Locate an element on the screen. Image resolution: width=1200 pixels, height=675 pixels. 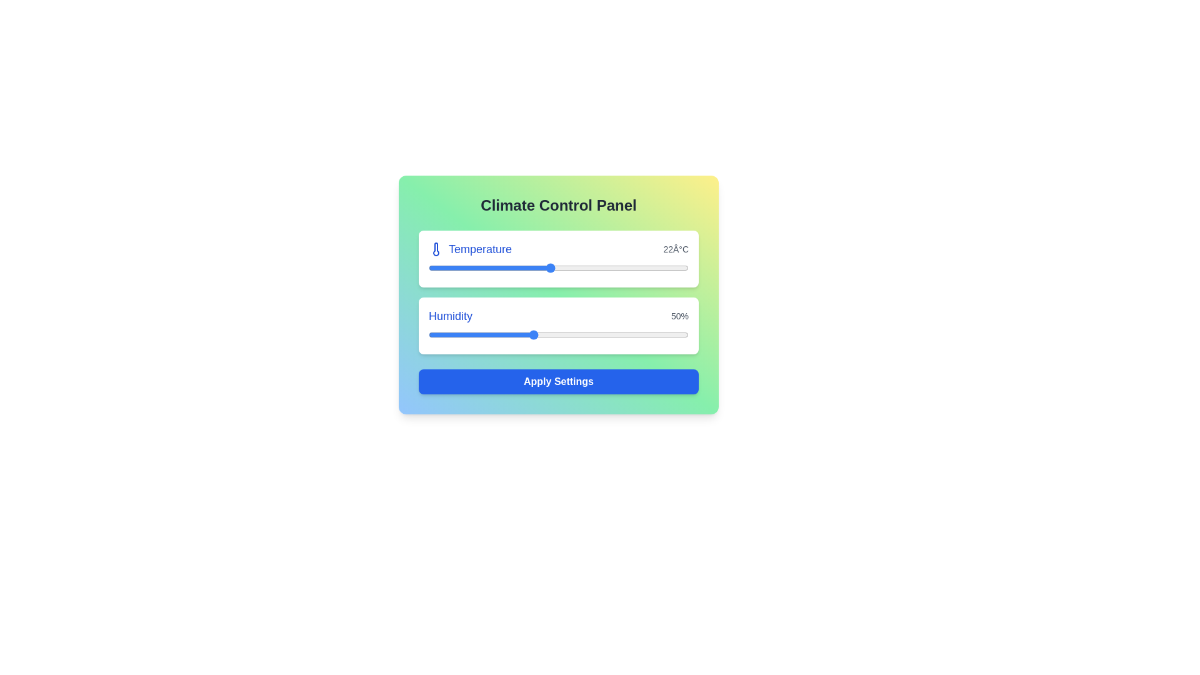
the temperature slider is located at coordinates (480, 267).